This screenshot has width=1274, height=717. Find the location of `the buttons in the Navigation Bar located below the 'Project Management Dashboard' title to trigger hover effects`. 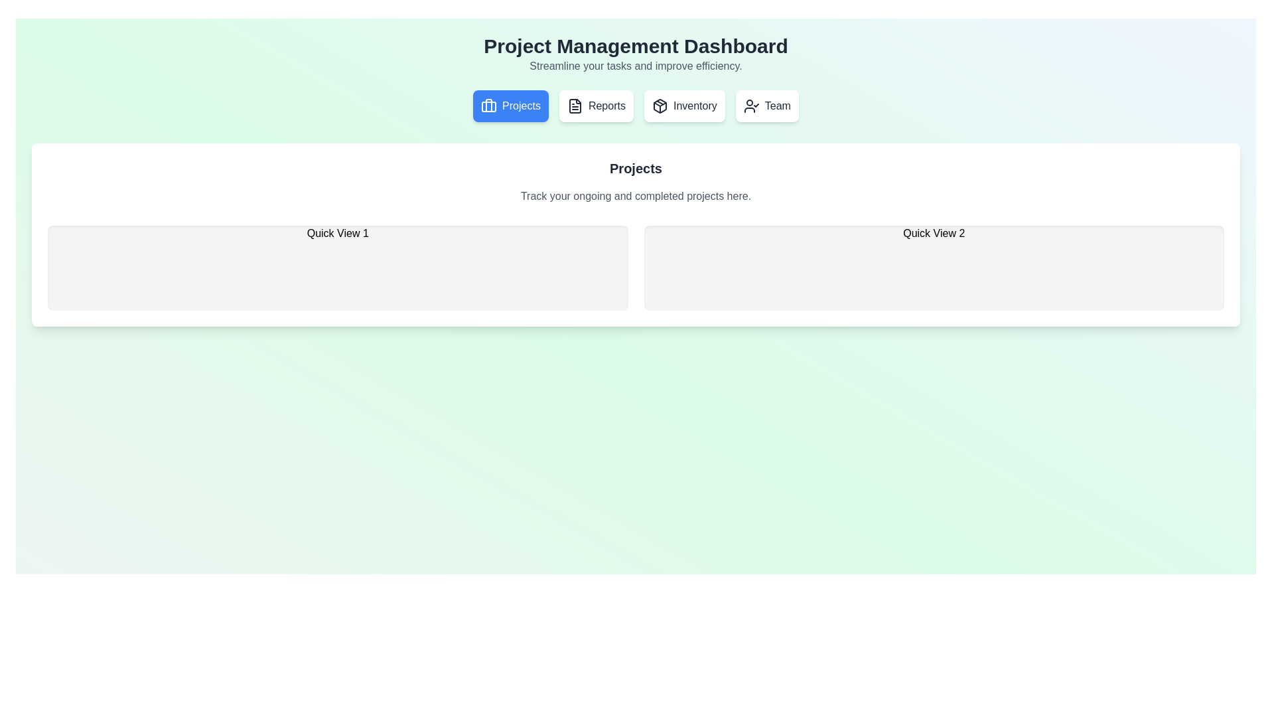

the buttons in the Navigation Bar located below the 'Project Management Dashboard' title to trigger hover effects is located at coordinates (635, 105).